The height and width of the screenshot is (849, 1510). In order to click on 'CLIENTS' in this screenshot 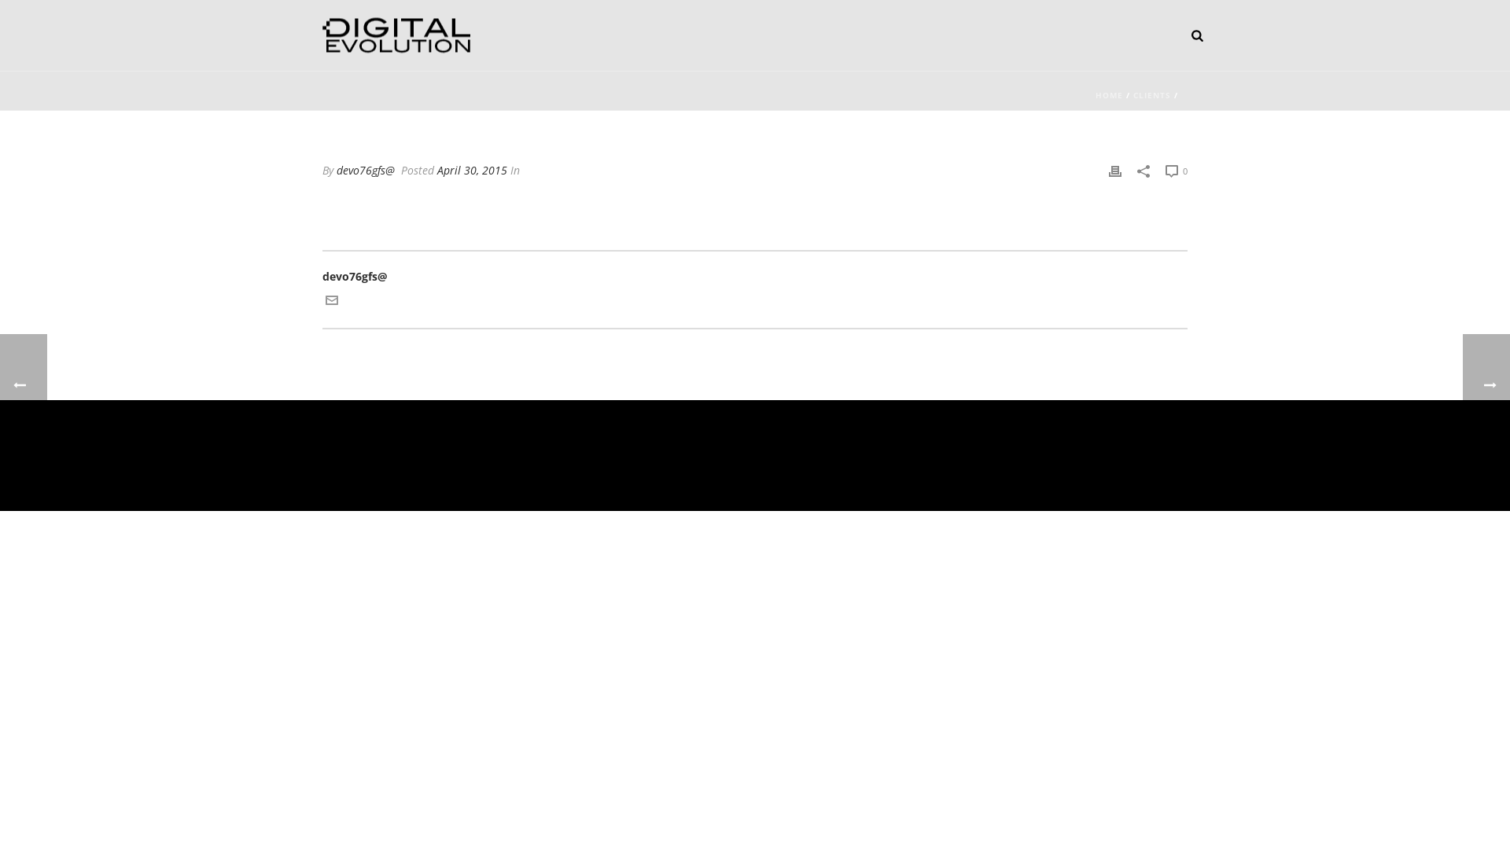, I will do `click(1151, 94)`.